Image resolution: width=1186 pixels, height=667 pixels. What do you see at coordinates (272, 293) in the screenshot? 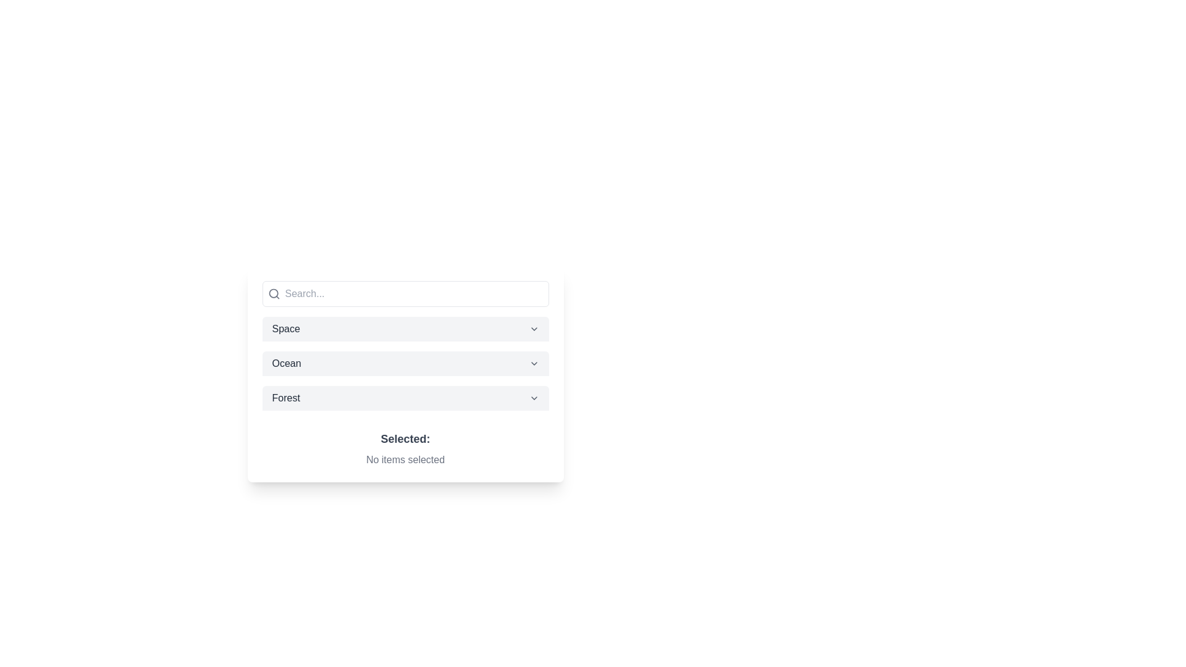
I see `the circular part of the search icon, which is a decorative component enhancing the visual identification of the search functionality` at bounding box center [272, 293].